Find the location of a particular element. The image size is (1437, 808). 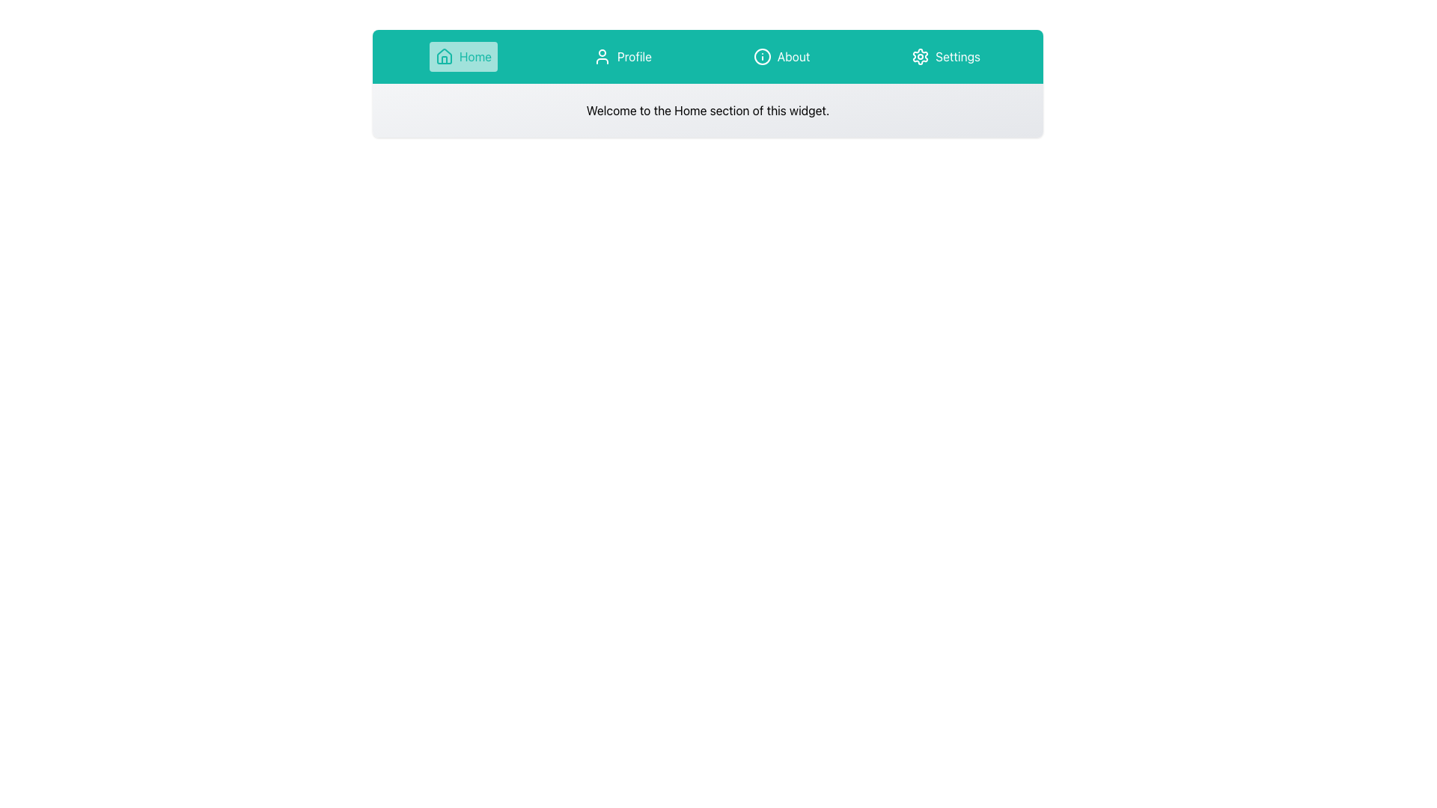

the text display that reads 'Welcome to the Home section of this widget.' which is centrally located below the navigation menu is located at coordinates (707, 109).